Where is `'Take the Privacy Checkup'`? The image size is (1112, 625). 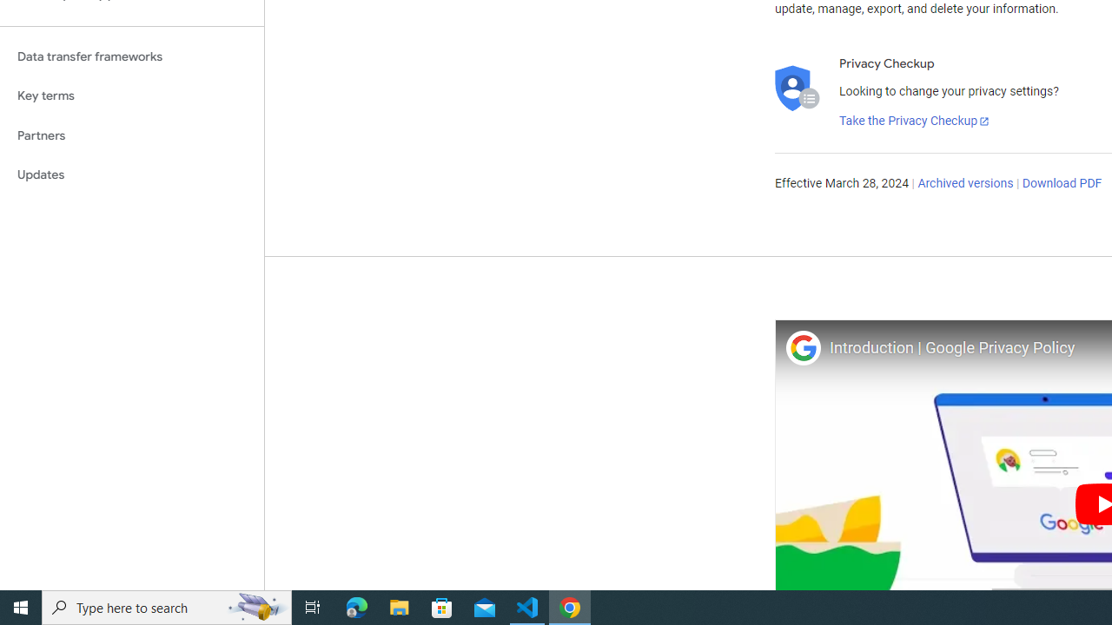
'Take the Privacy Checkup' is located at coordinates (914, 121).